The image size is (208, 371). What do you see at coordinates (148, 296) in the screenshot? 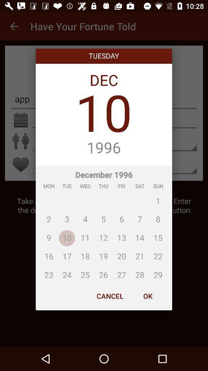
I see `ok item` at bounding box center [148, 296].